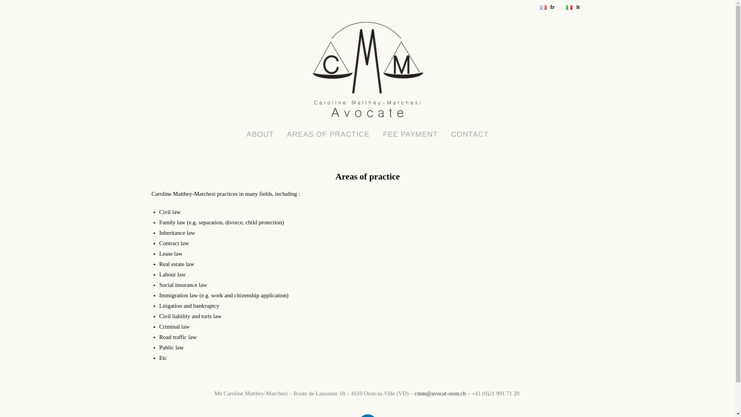 This screenshot has width=741, height=417. What do you see at coordinates (328, 134) in the screenshot?
I see `'AREAS OF PRACTICE'` at bounding box center [328, 134].